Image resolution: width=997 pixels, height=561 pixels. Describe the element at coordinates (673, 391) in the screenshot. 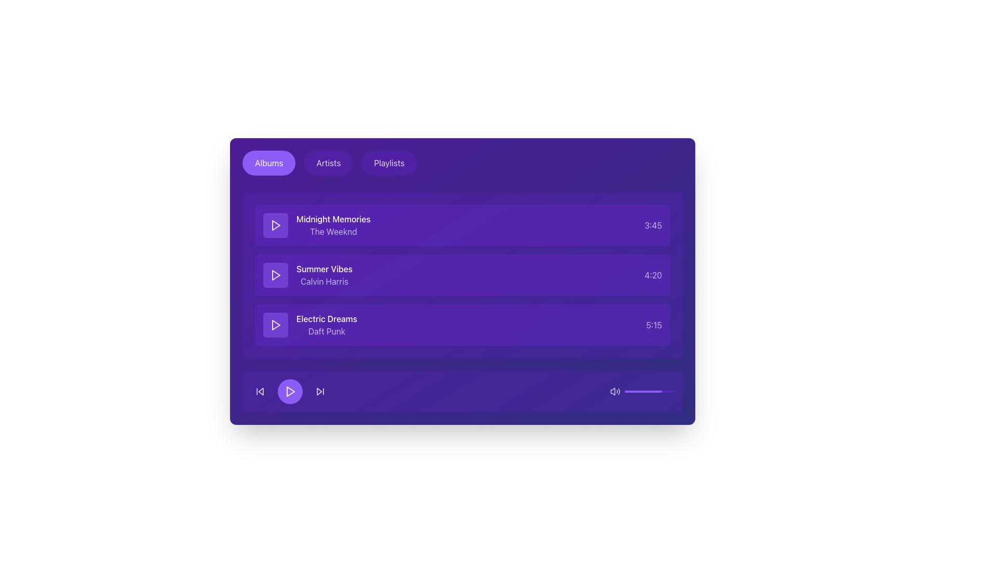

I see `the volume` at that location.